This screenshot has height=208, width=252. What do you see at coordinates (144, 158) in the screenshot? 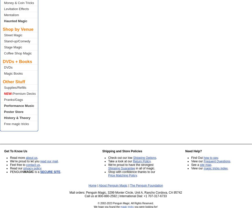
I see `'Shipping Options'` at bounding box center [144, 158].